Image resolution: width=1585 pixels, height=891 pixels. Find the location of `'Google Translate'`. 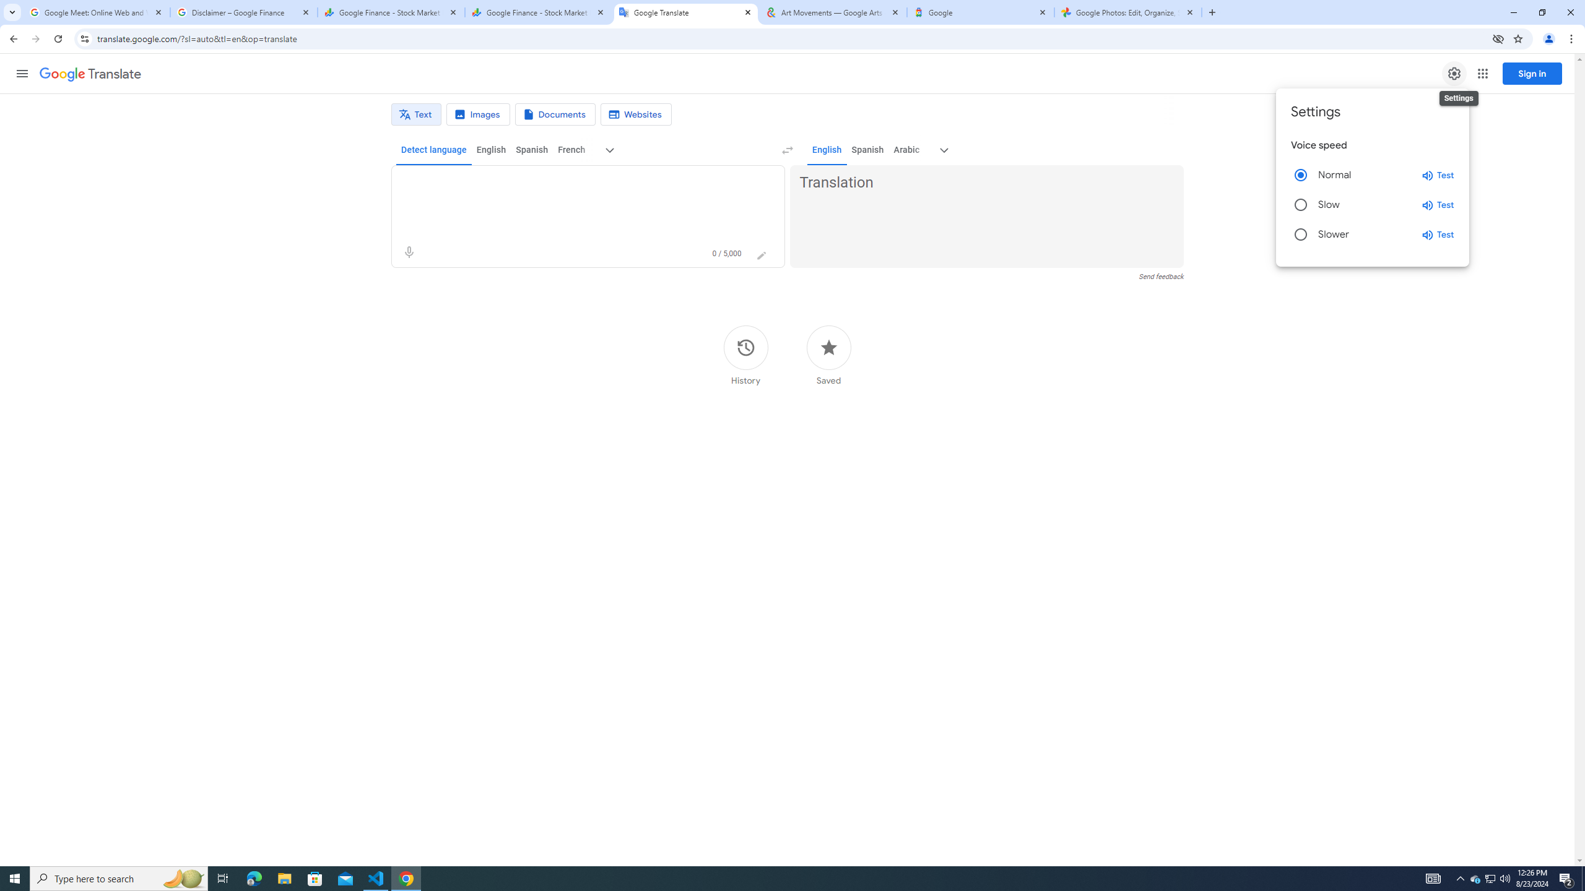

'Google Translate' is located at coordinates (89, 74).